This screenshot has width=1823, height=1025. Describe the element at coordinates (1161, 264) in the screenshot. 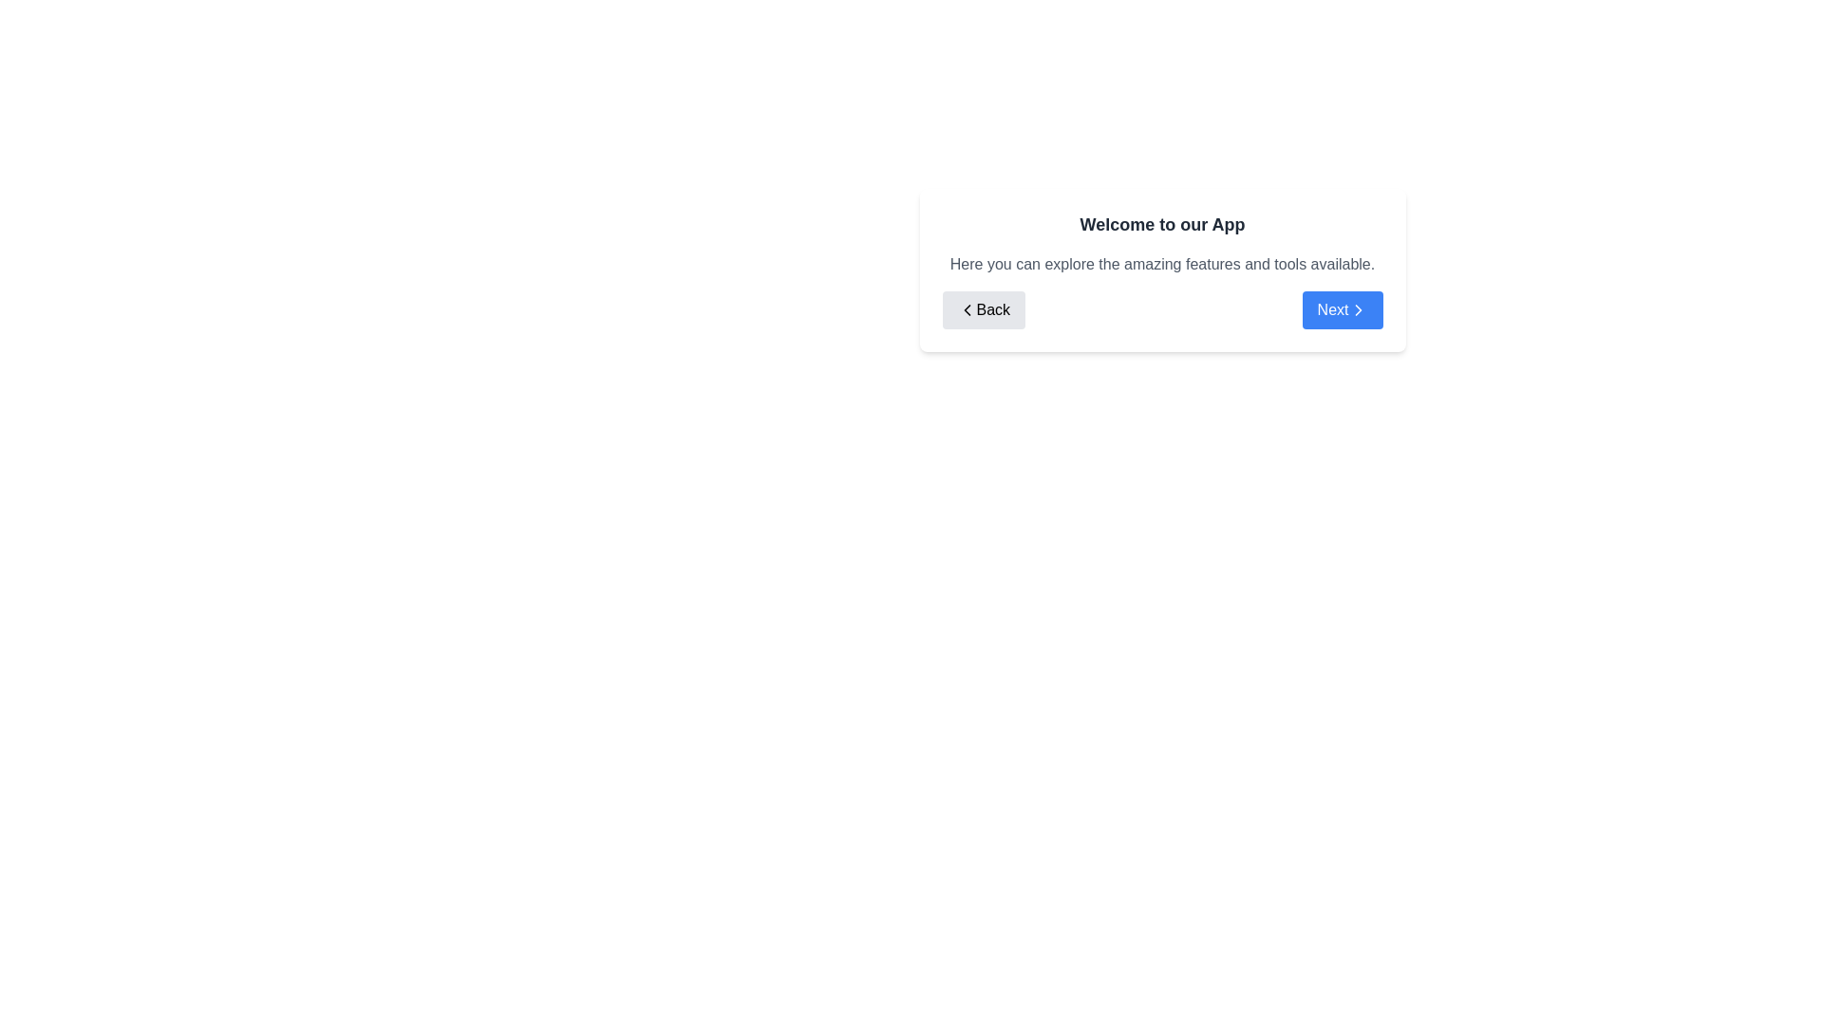

I see `the subtitle text that reads 'Here you can explore the amazing features and tools available', which is styled in gray and positioned below the bold heading 'Welcome to our App'` at that location.